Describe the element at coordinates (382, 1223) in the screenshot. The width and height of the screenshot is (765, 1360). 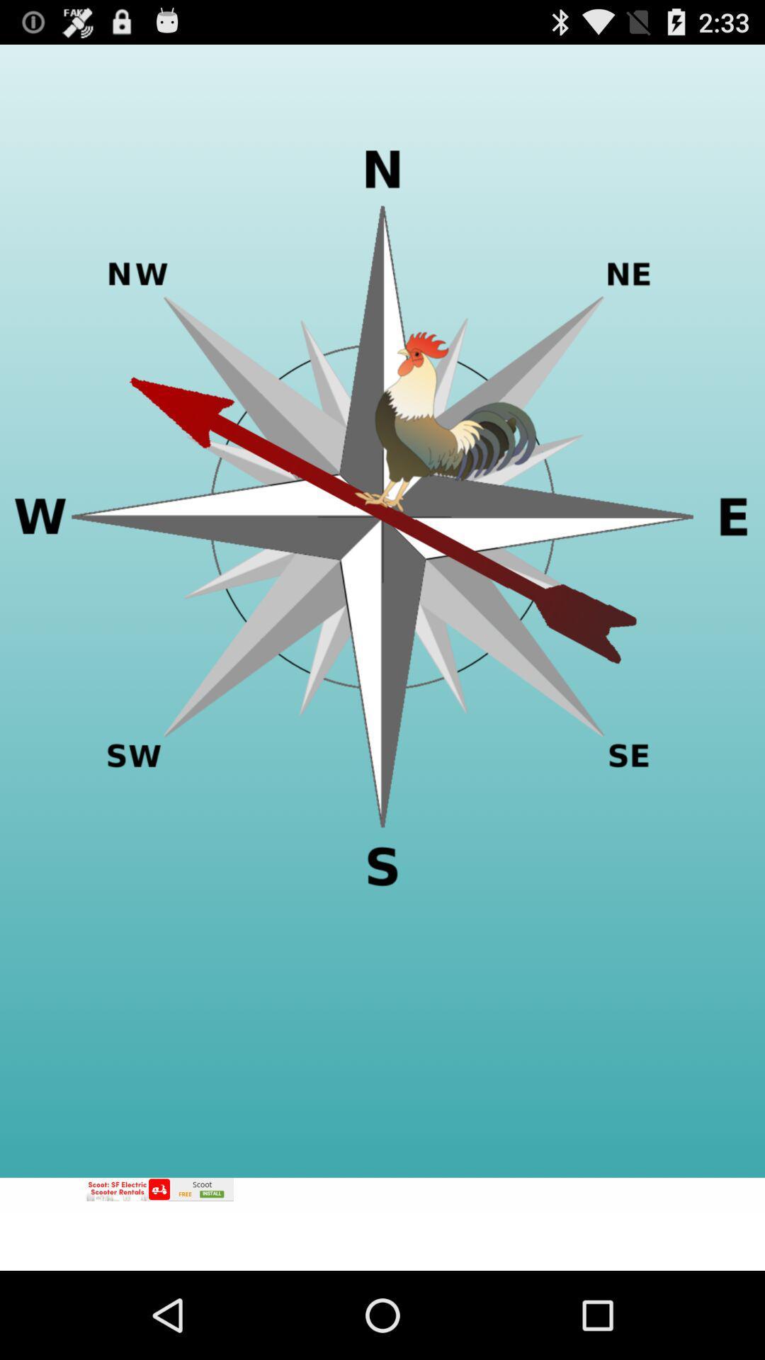
I see `advertisement portion` at that location.